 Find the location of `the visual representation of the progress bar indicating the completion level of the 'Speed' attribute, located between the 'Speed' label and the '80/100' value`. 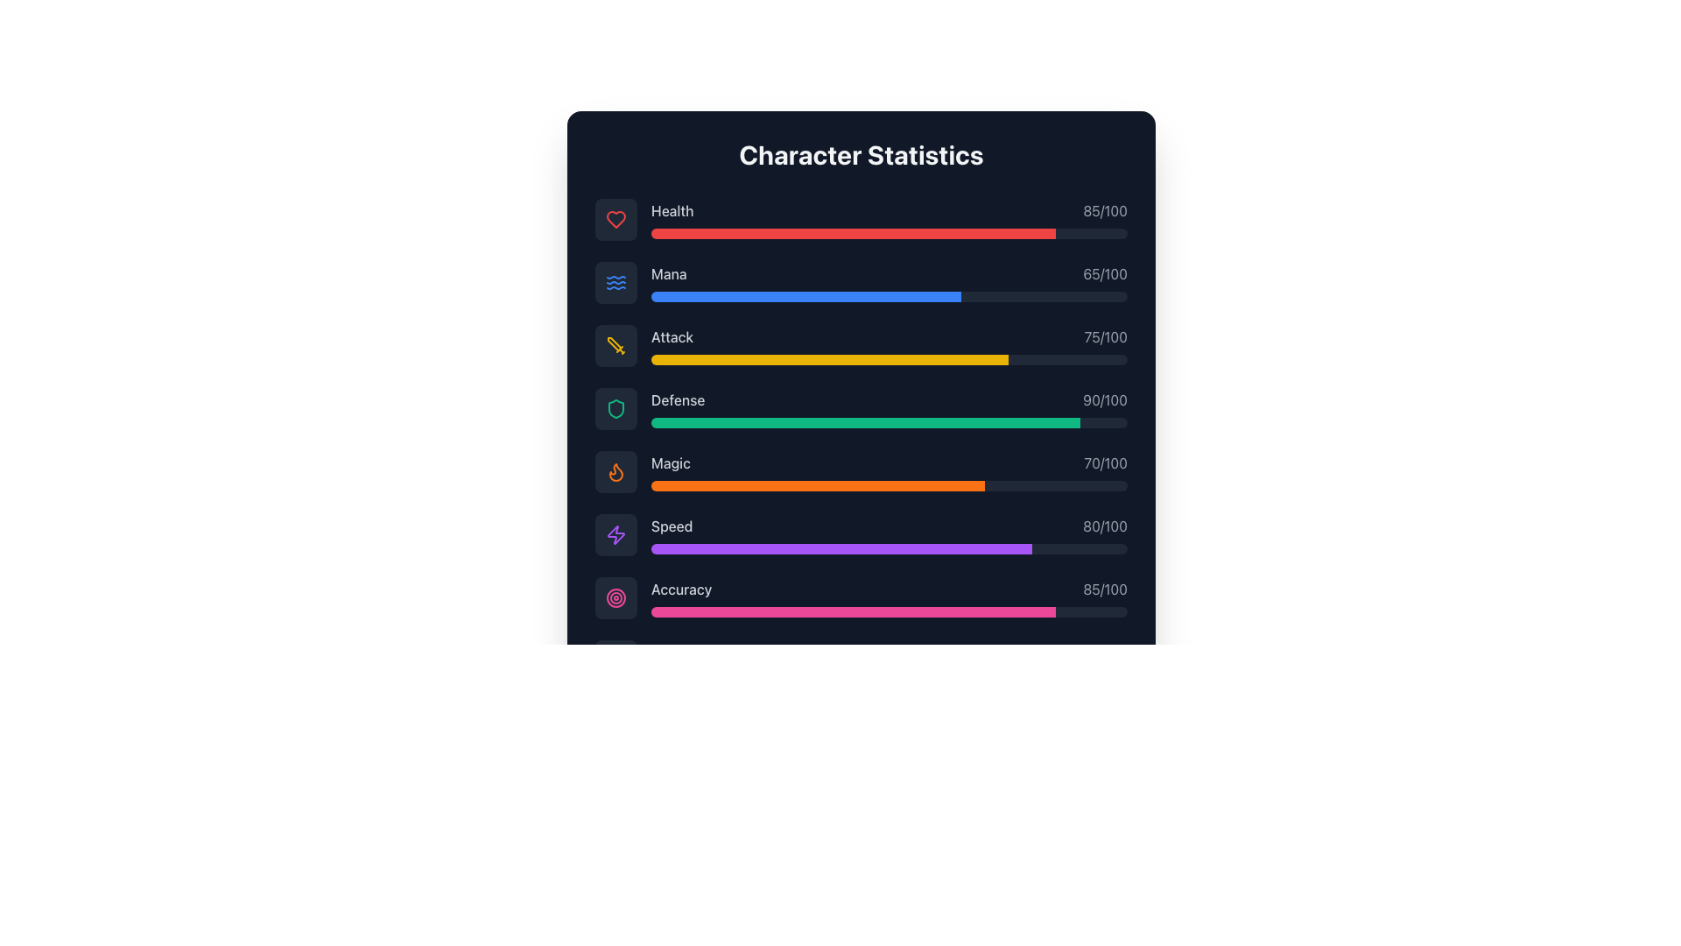

the visual representation of the progress bar indicating the completion level of the 'Speed' attribute, located between the 'Speed' label and the '80/100' value is located at coordinates (890, 548).